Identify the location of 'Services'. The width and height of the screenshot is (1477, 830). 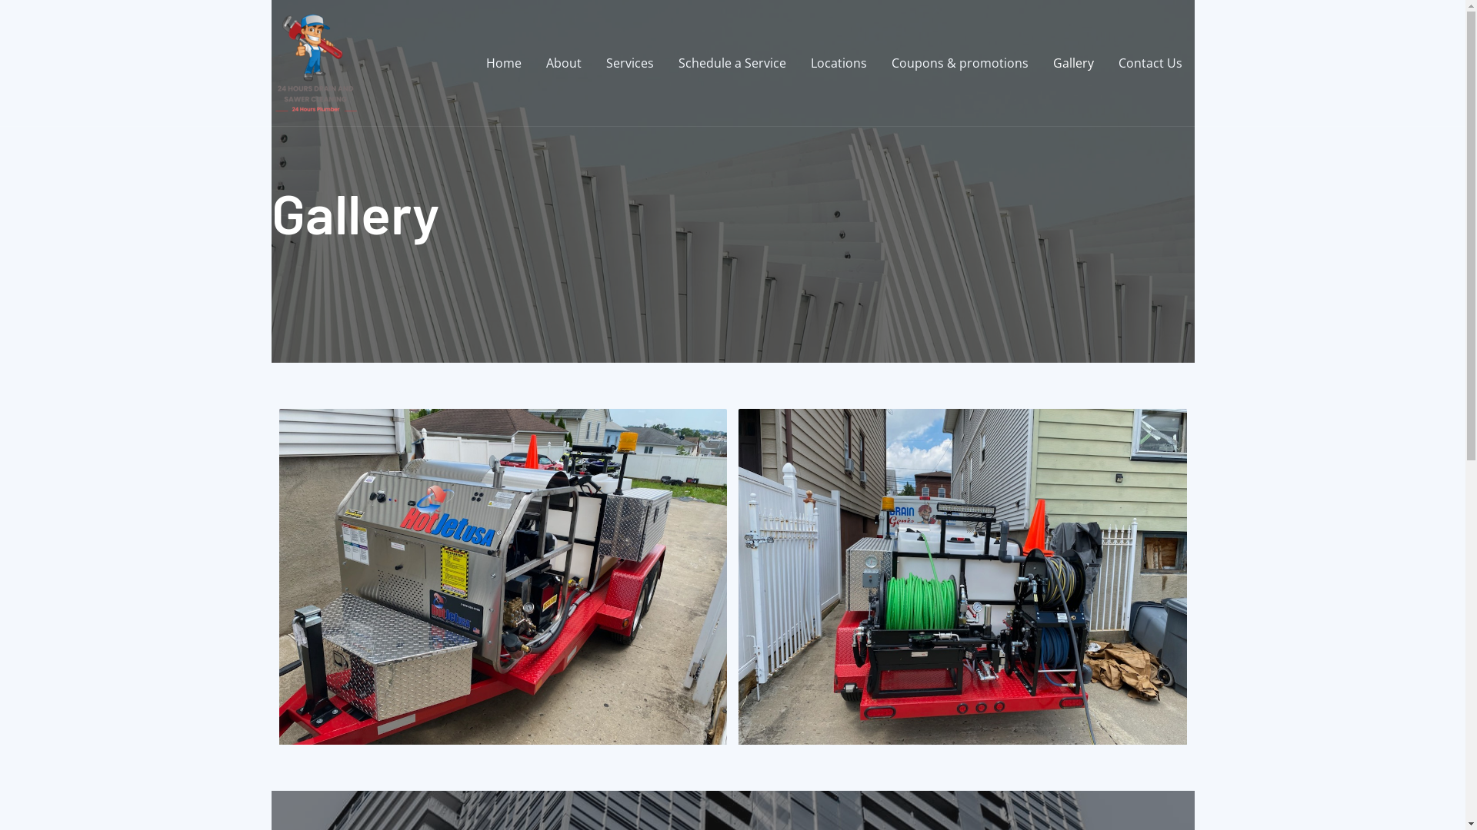
(630, 61).